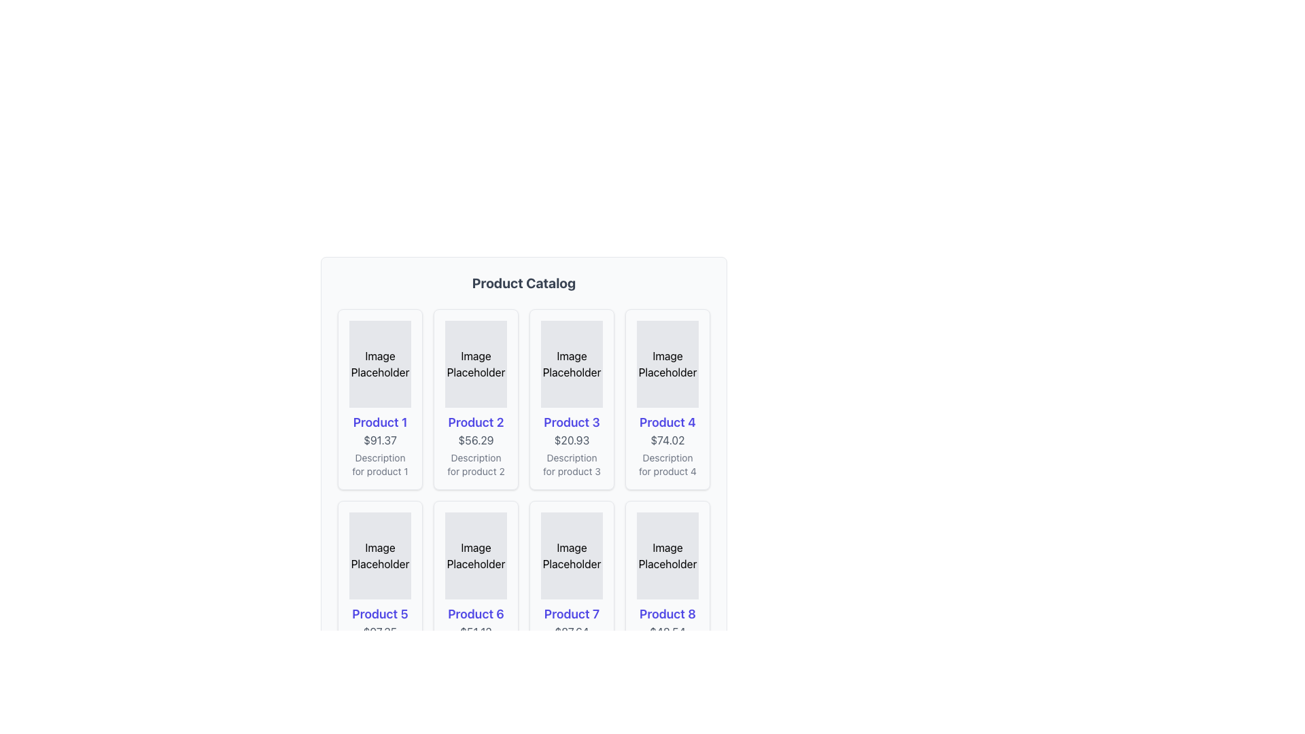 The image size is (1305, 734). What do you see at coordinates (476, 421) in the screenshot?
I see `the 'Product 2' label in the second column of the product grid, which is above the price label and below the image placeholder, if it is linked` at bounding box center [476, 421].